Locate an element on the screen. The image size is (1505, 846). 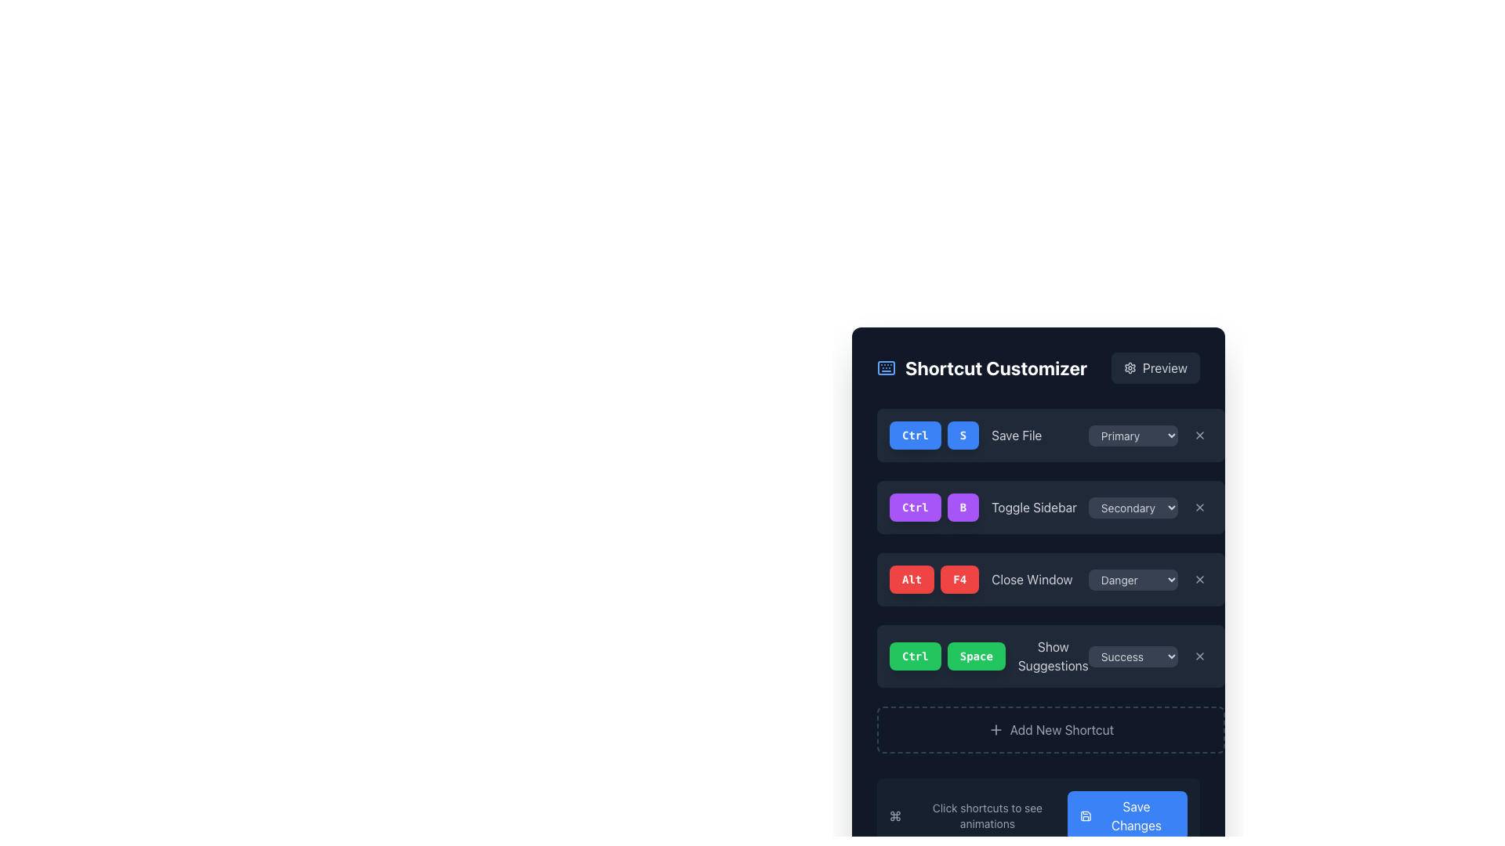
the decorative Save Changes icon located at the bottom-right corner of the Shortcut Customizer interface, which represents the Save Changes action is located at coordinates (1085, 815).